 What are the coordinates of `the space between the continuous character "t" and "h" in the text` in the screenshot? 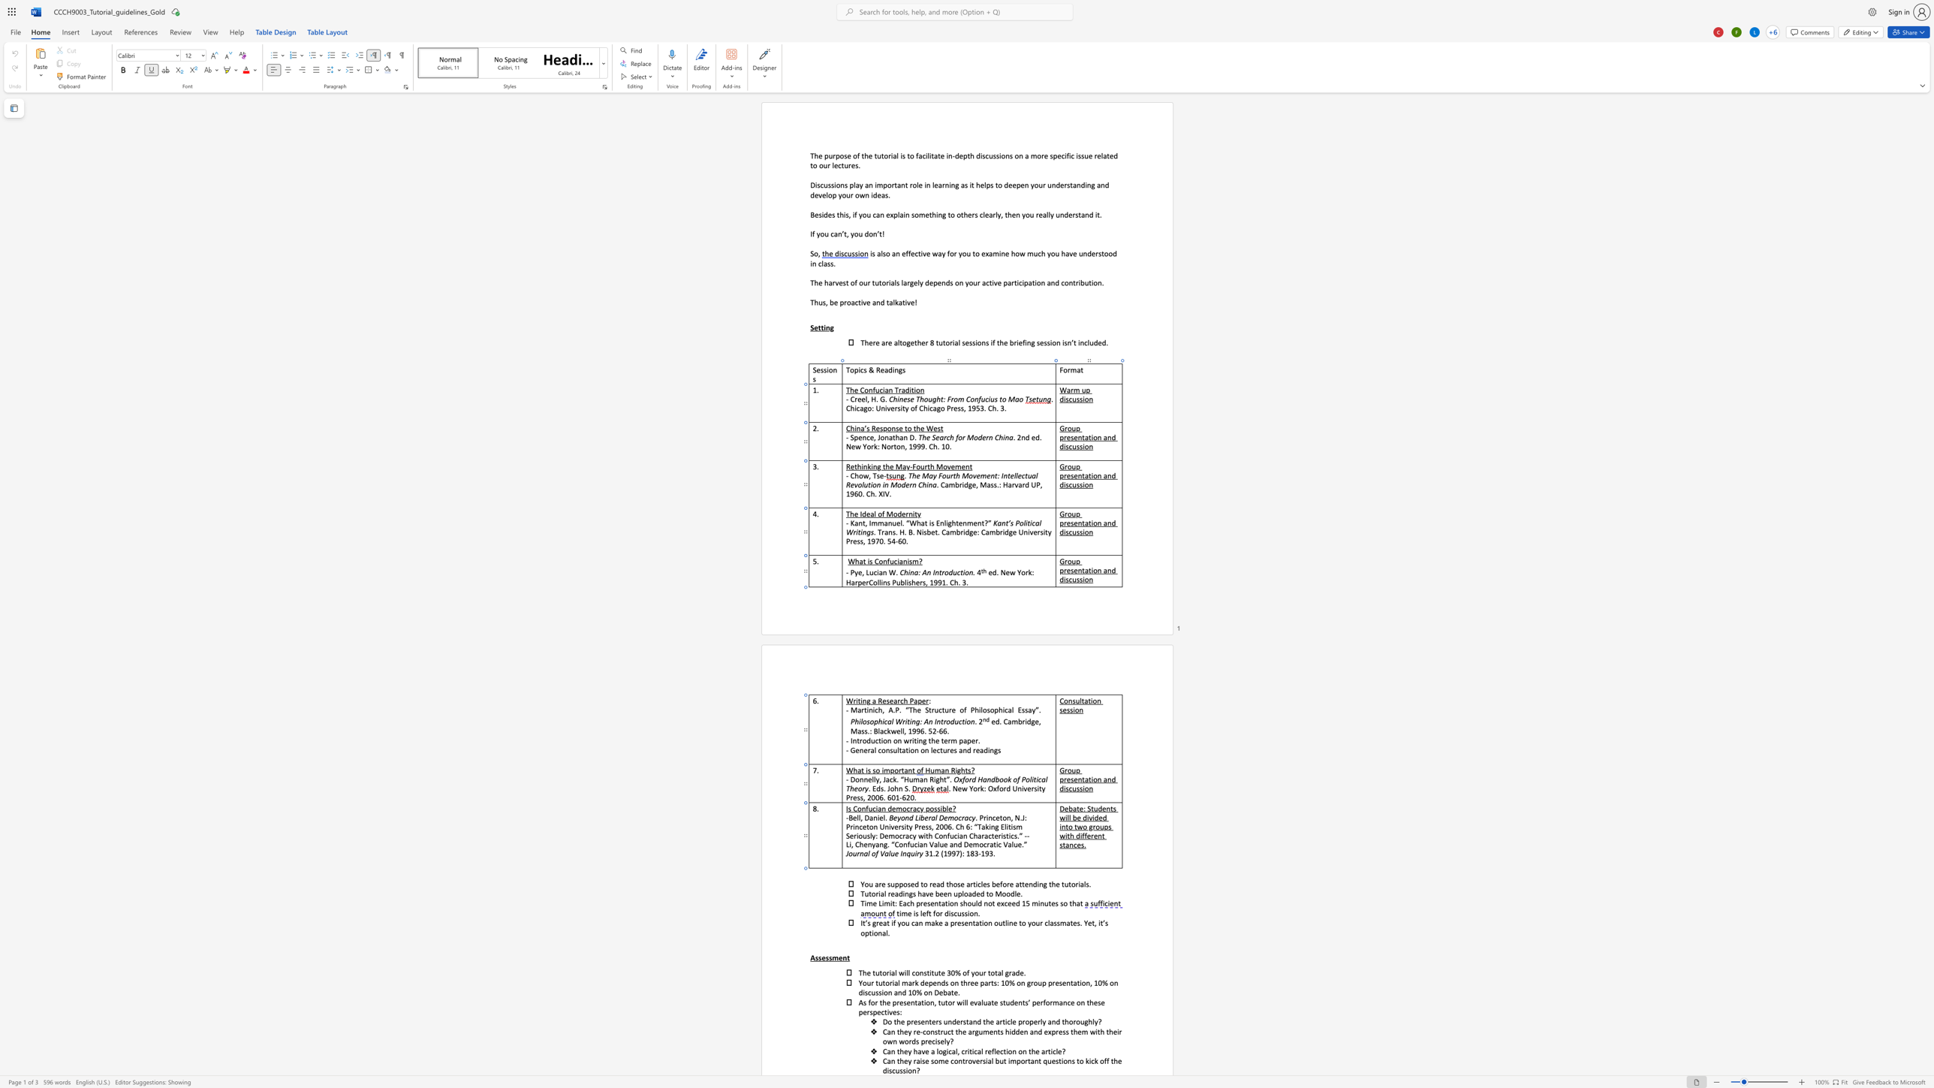 It's located at (928, 836).